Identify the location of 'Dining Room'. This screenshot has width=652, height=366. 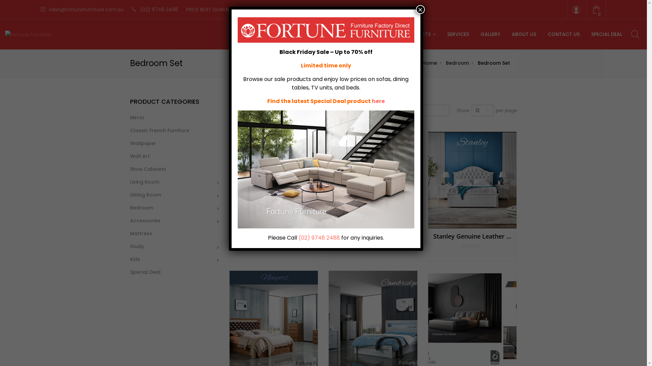
(145, 194).